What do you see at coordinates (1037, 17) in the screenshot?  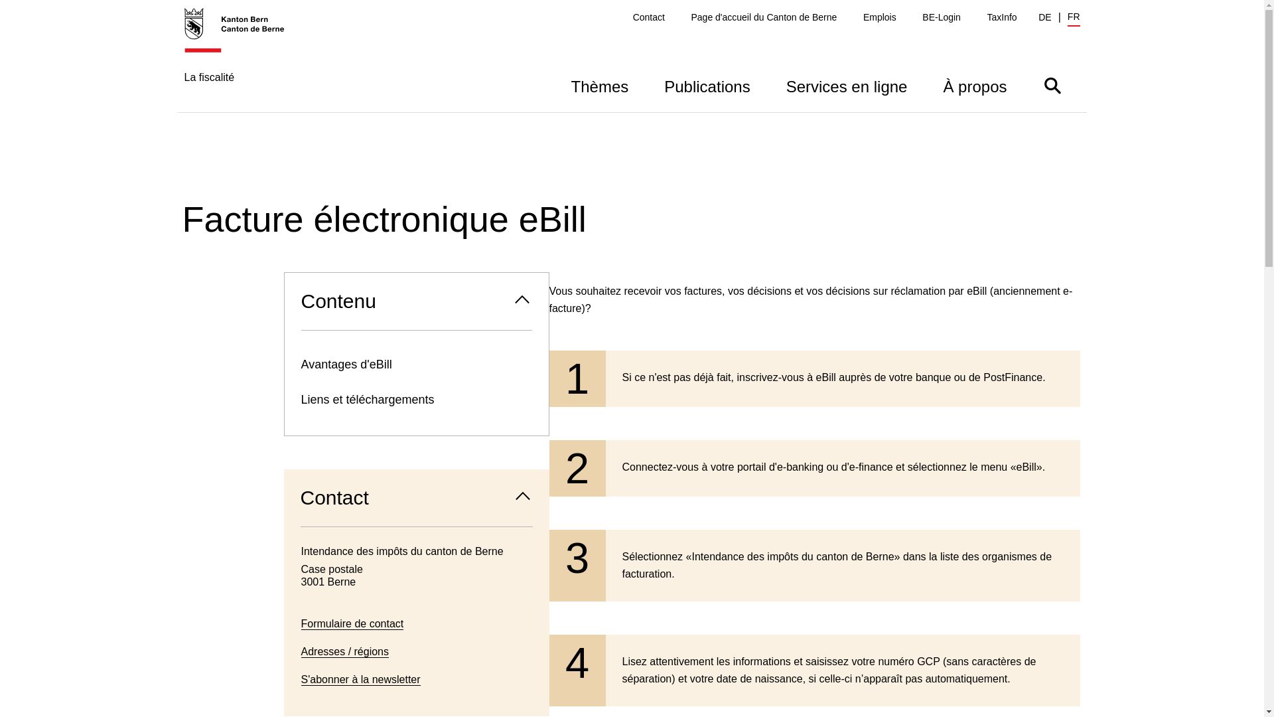 I see `'DE'` at bounding box center [1037, 17].